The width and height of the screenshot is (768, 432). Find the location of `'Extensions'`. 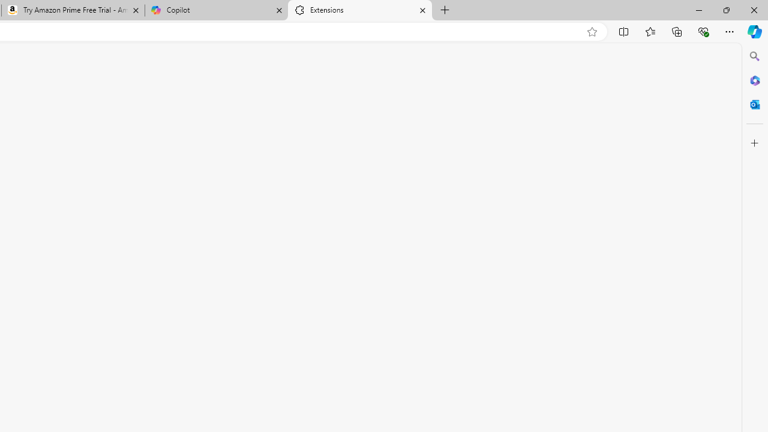

'Extensions' is located at coordinates (359, 10).